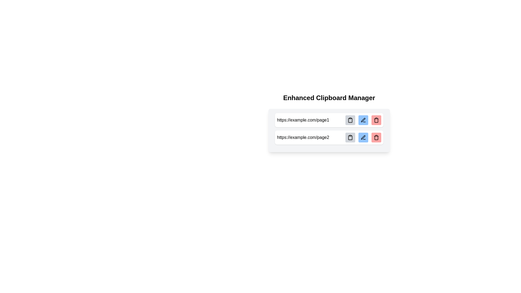 This screenshot has width=521, height=293. Describe the element at coordinates (303, 137) in the screenshot. I see `the URL text element displaying 'https://example.com/page2' located in the second item of a vertically stacked list in the clipboard manager interface` at that location.